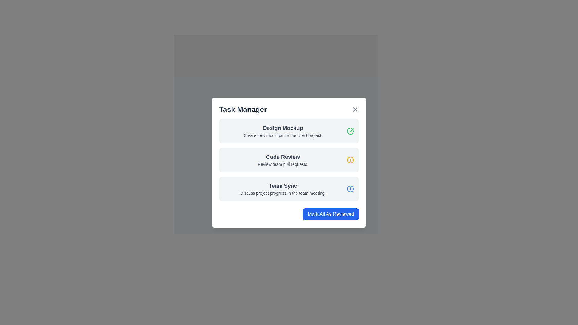 The image size is (578, 325). What do you see at coordinates (331, 214) in the screenshot?
I see `the blue rectangular button labeled 'Mark All As Reviewed' located at the bottom-right corner of the 'Task Manager' popup` at bounding box center [331, 214].